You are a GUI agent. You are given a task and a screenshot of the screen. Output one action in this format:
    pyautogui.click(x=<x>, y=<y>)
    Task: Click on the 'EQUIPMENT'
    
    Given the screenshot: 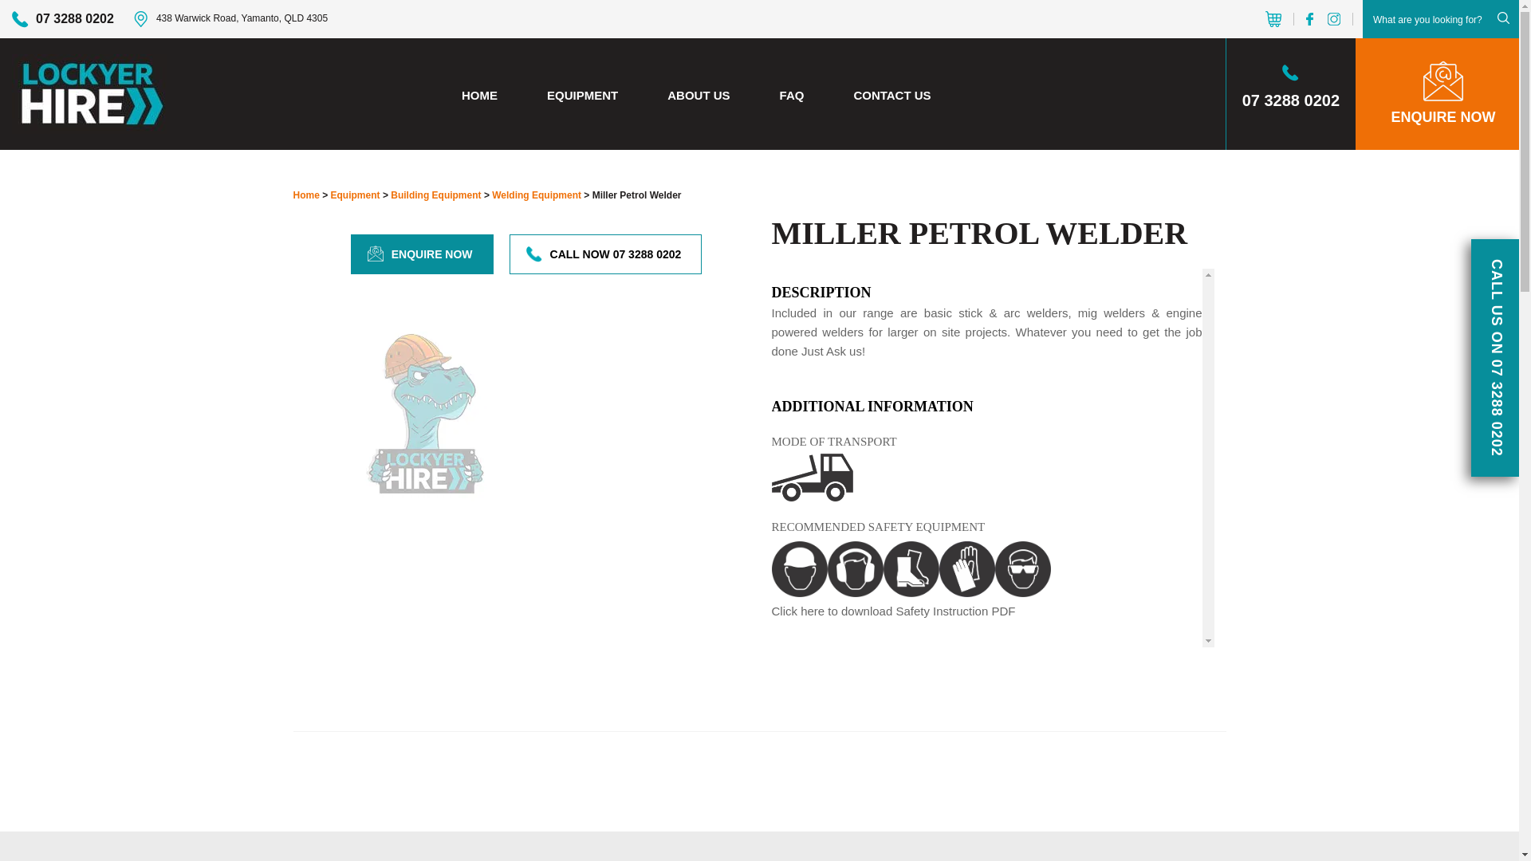 What is the action you would take?
    pyautogui.click(x=581, y=95)
    